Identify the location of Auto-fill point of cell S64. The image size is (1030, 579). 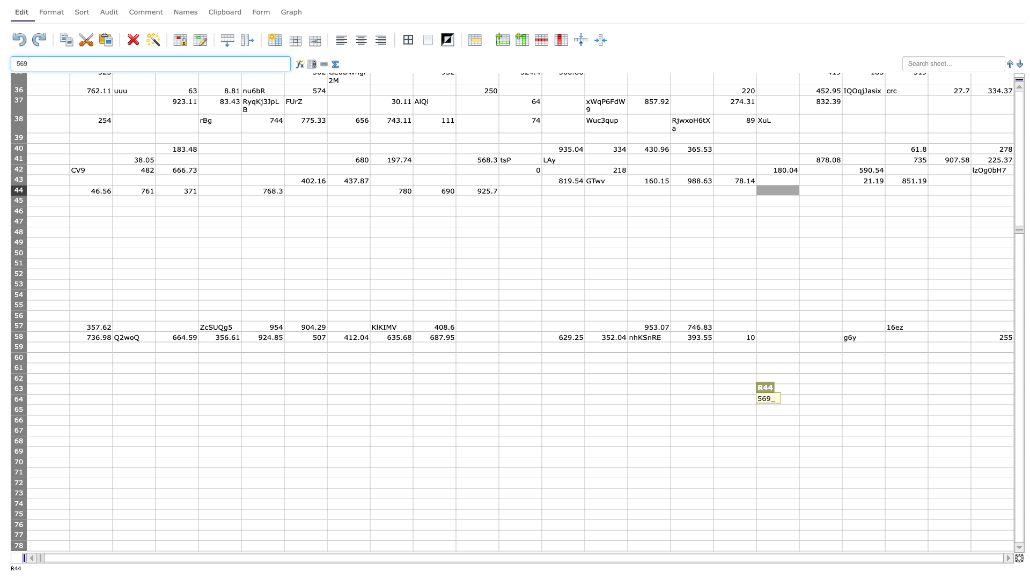
(841, 405).